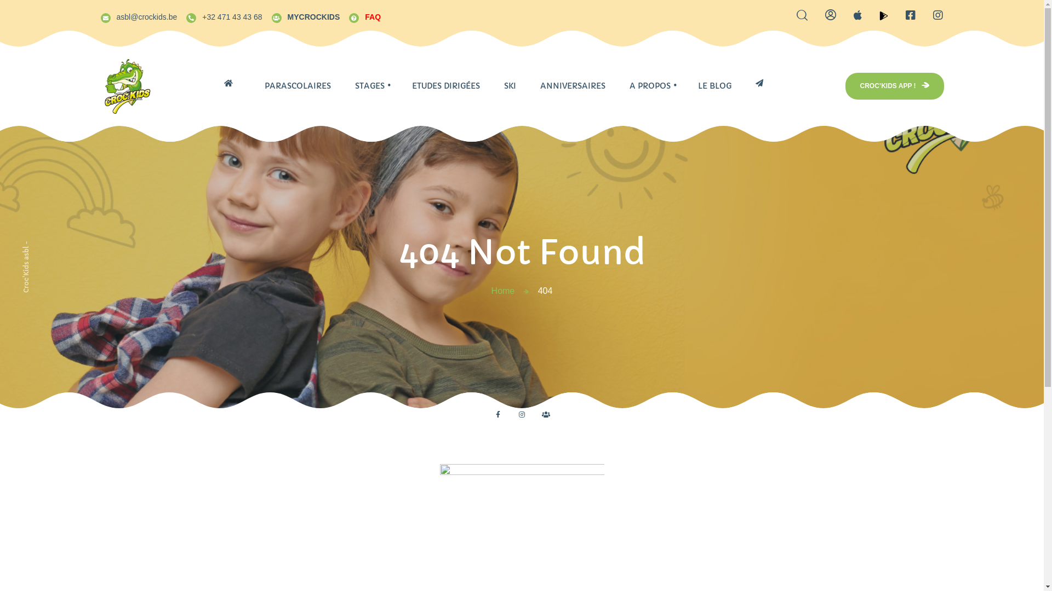  I want to click on 'MYCROCKIDS', so click(305, 16).